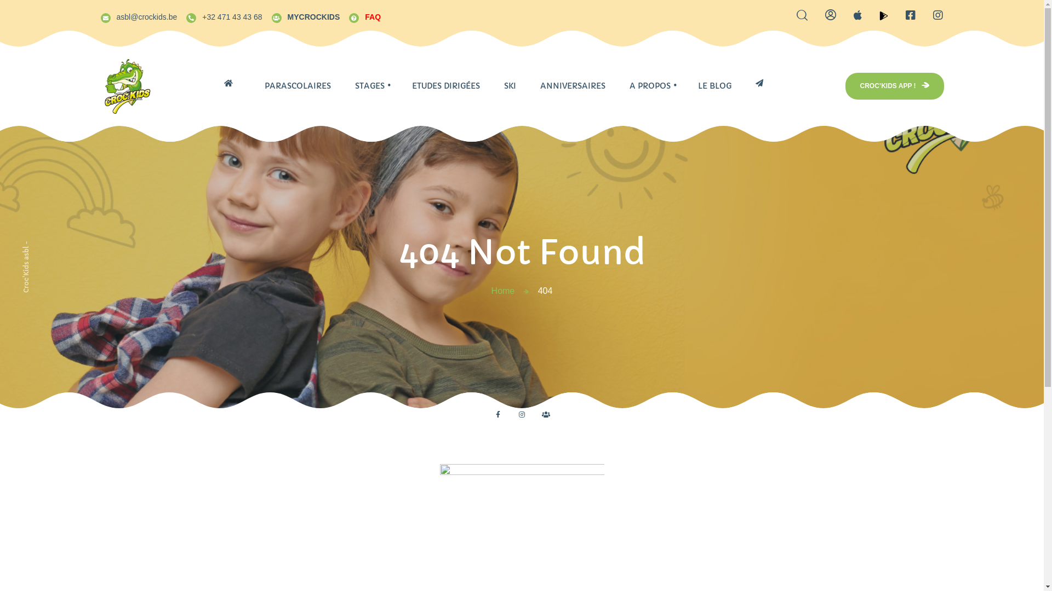  I want to click on 'MYCROCKIDS', so click(305, 16).